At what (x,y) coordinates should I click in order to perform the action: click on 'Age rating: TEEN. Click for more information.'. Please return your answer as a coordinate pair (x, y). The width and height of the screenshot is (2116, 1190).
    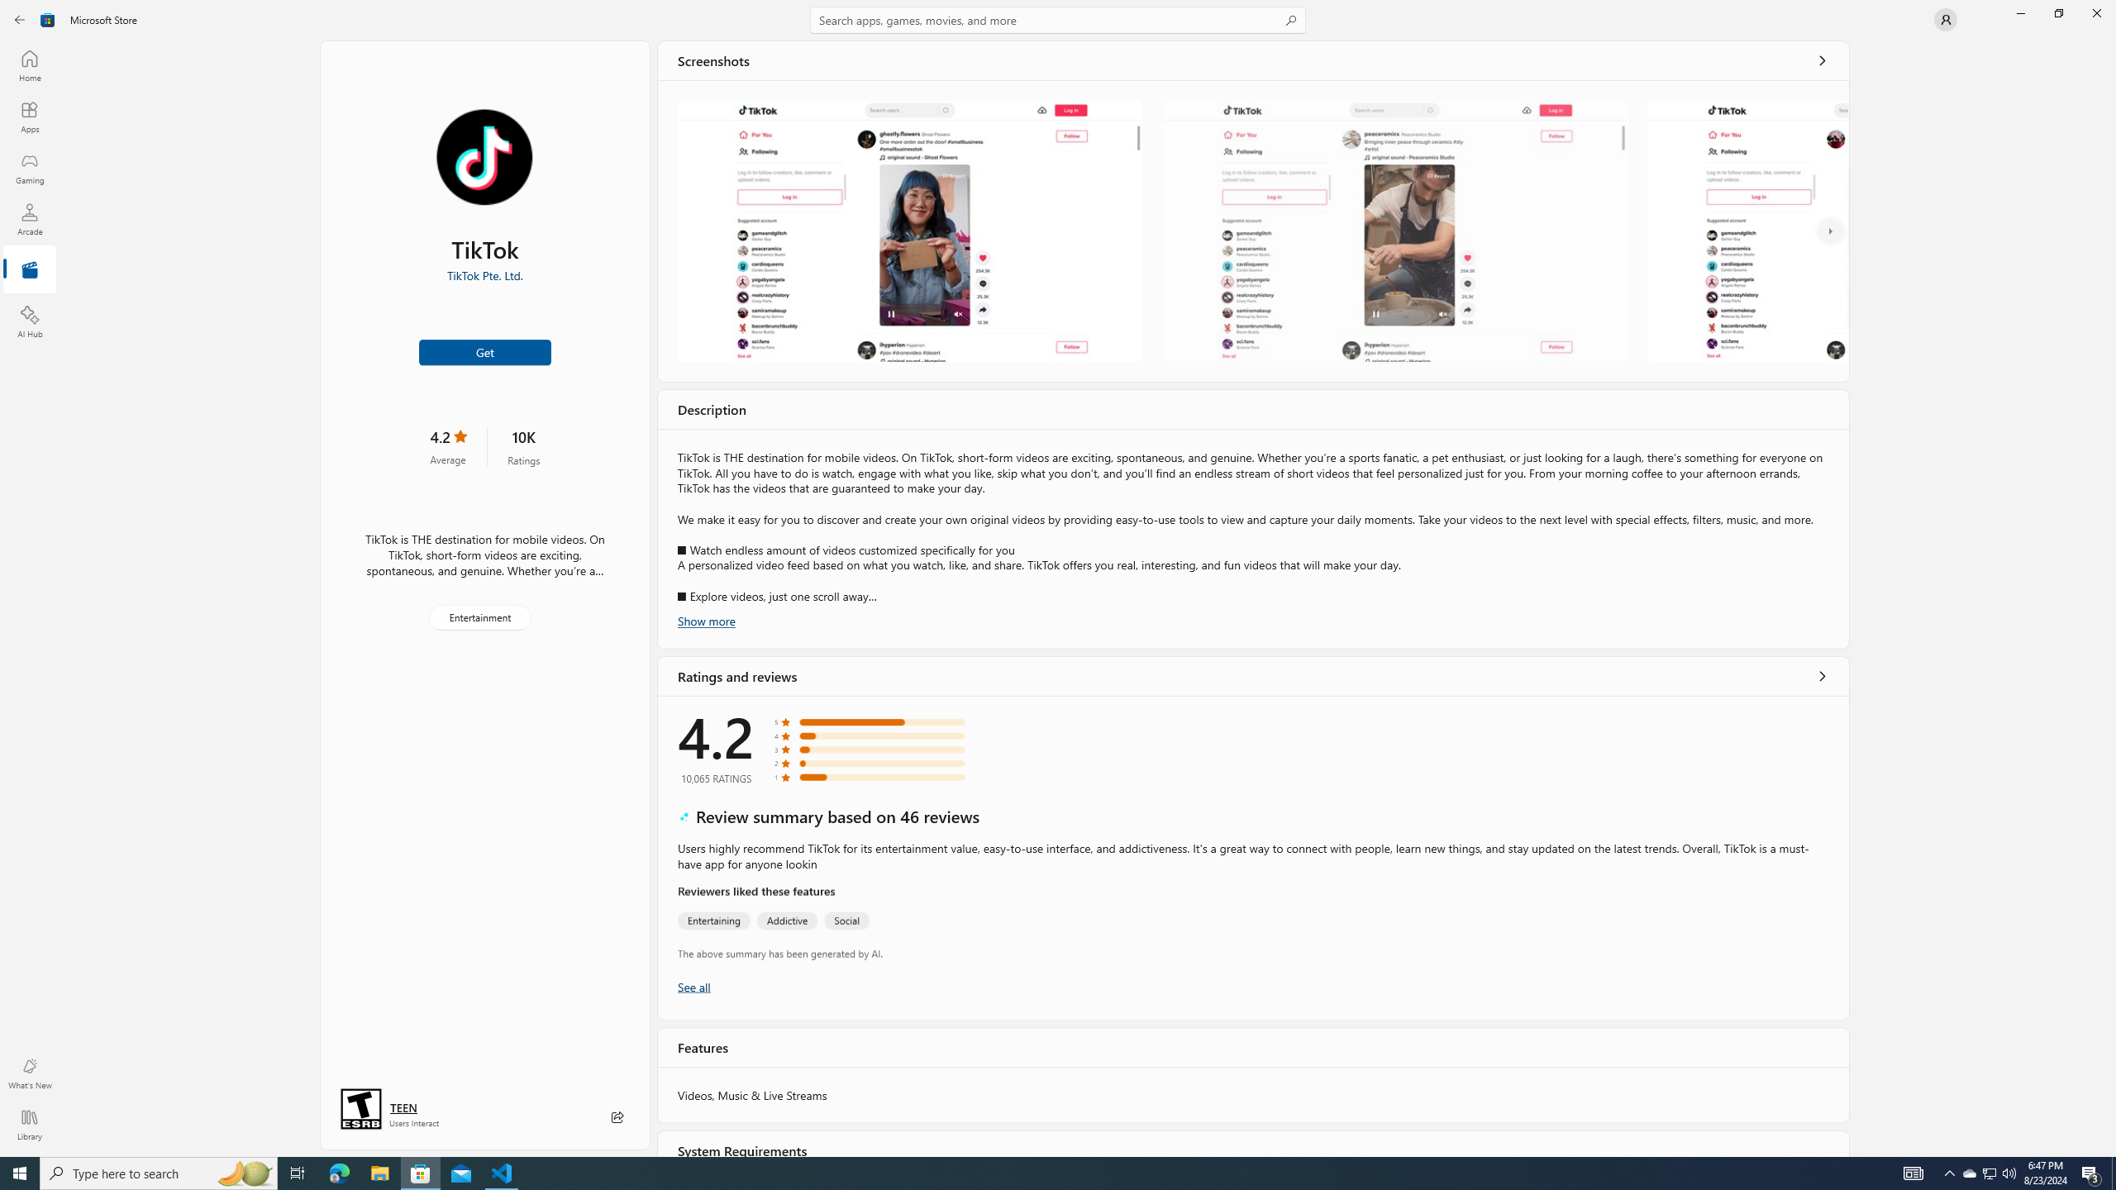
    Looking at the image, I should click on (402, 1107).